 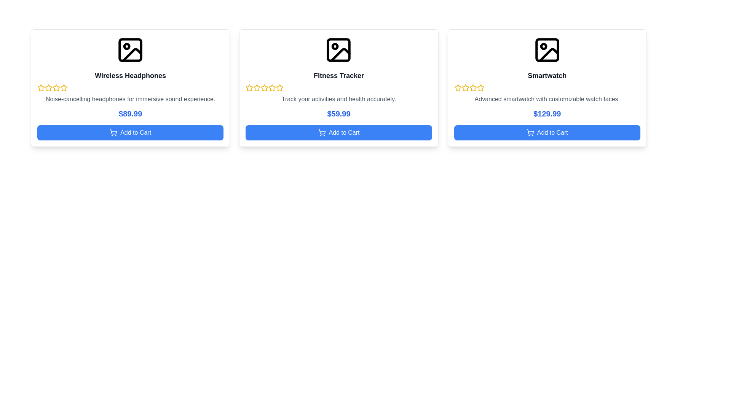 What do you see at coordinates (272, 88) in the screenshot?
I see `the fourth yellow star icon in the rating system below the title 'Fitness Tracker' to rate it` at bounding box center [272, 88].